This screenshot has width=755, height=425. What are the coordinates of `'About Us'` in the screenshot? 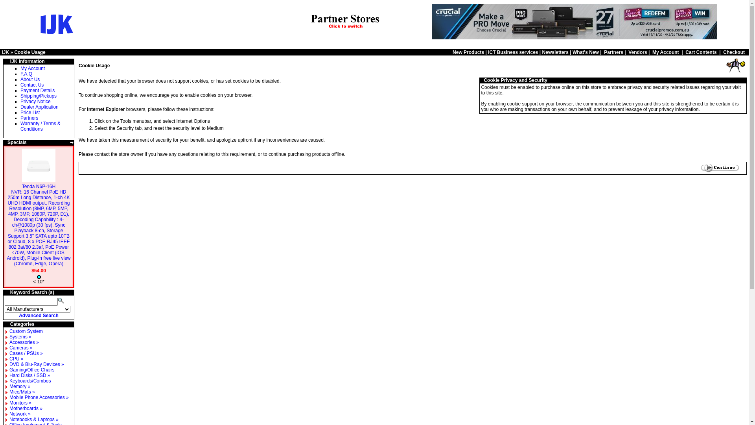 It's located at (30, 79).